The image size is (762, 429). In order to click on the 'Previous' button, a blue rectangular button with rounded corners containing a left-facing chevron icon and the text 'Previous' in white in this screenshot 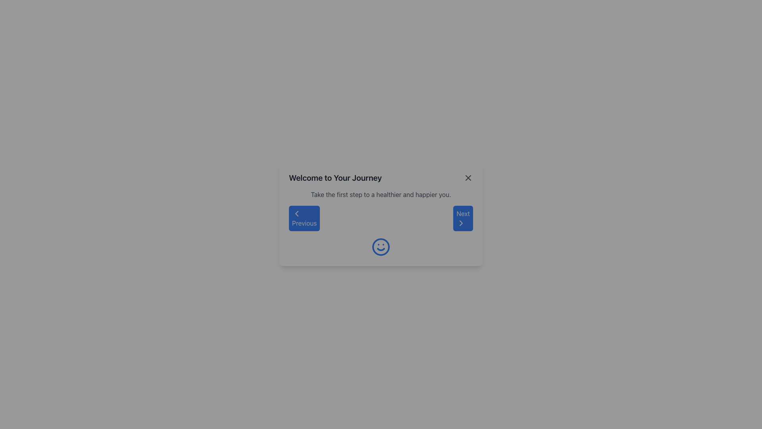, I will do `click(304, 218)`.